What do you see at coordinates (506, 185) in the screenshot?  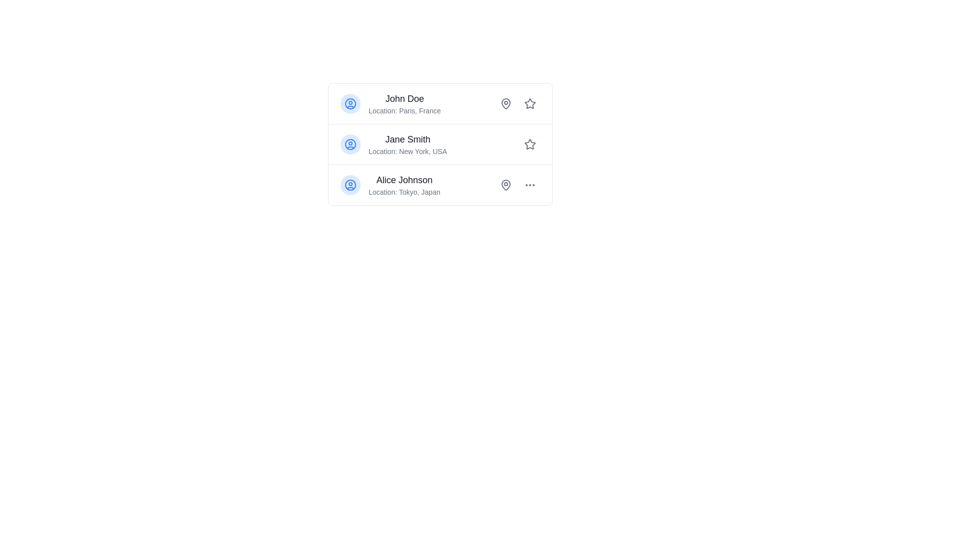 I see `the map pin icon located to the right of 'Alice Johnson' and beneath 'Jane Smith'` at bounding box center [506, 185].